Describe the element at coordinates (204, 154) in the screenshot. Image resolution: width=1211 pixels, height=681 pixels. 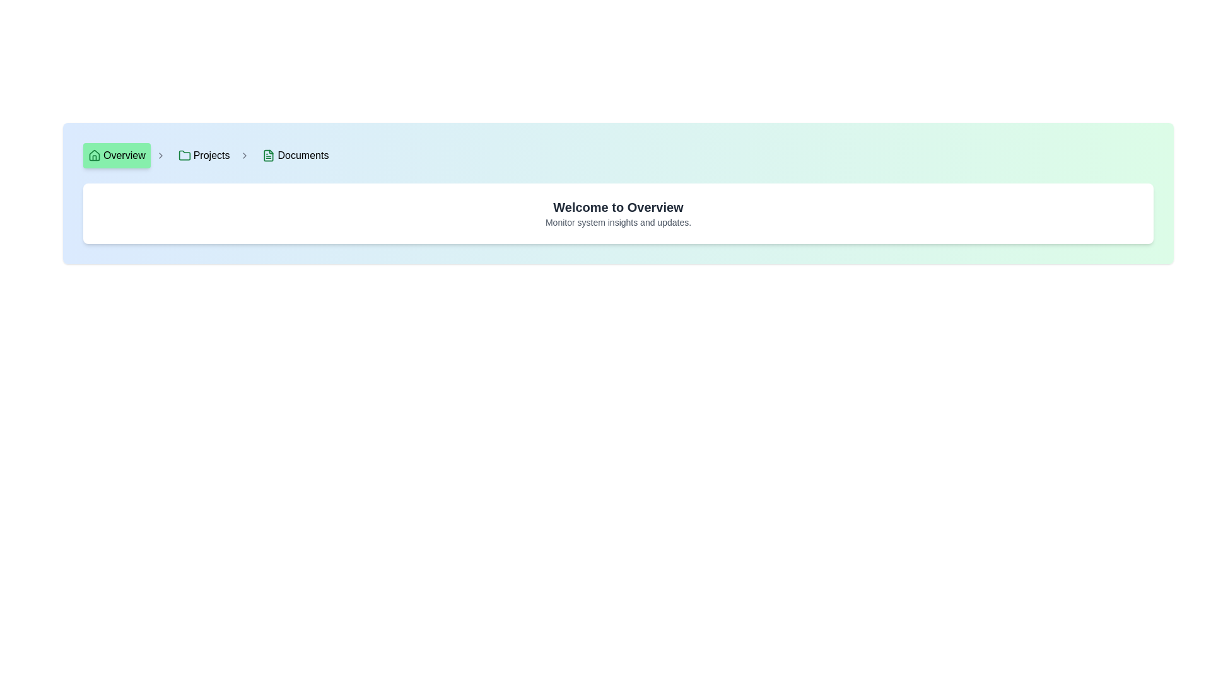
I see `the second item in the breadcrumb navigation bar, which is a Navigational Link with an icon and text` at that location.